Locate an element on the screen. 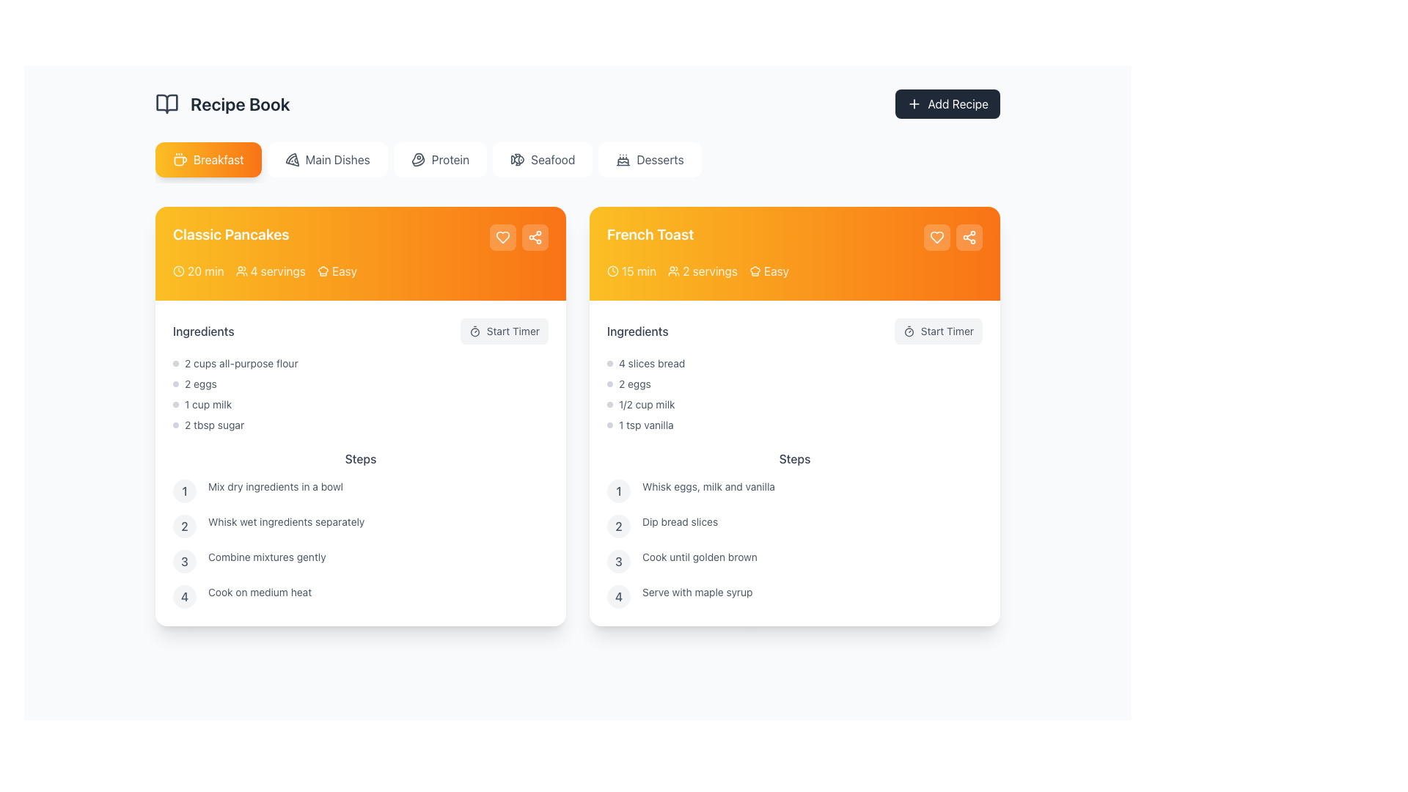 This screenshot has height=792, width=1408. the fifth button in the horizontal row of navigation options to filter the content displayed below to items categorized under 'Desserts' is located at coordinates (649, 160).